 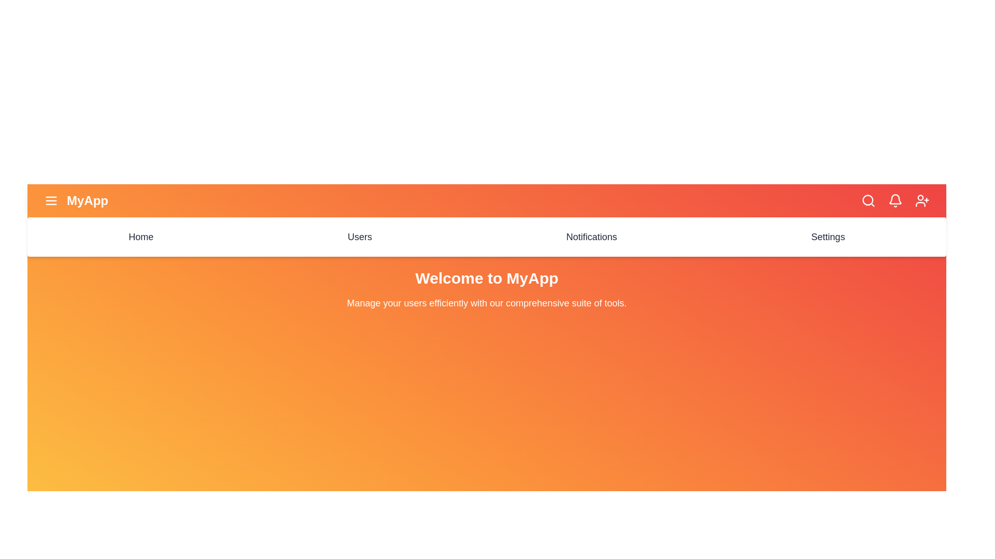 I want to click on the menu item Notifications to navigate to the corresponding section, so click(x=591, y=237).